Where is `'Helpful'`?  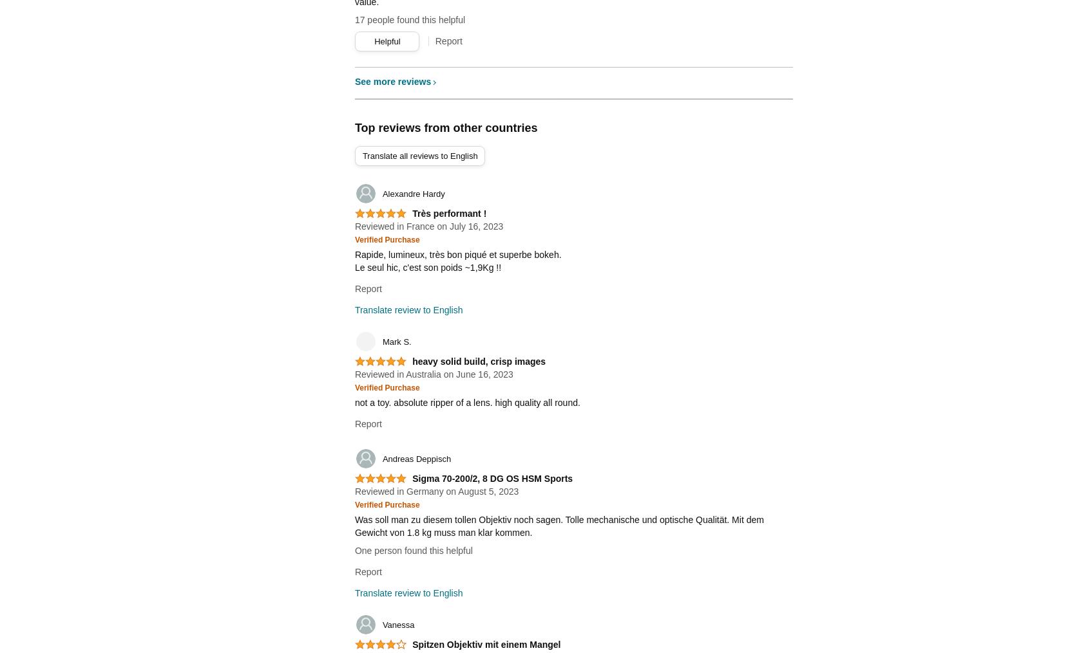
'Helpful' is located at coordinates (386, 41).